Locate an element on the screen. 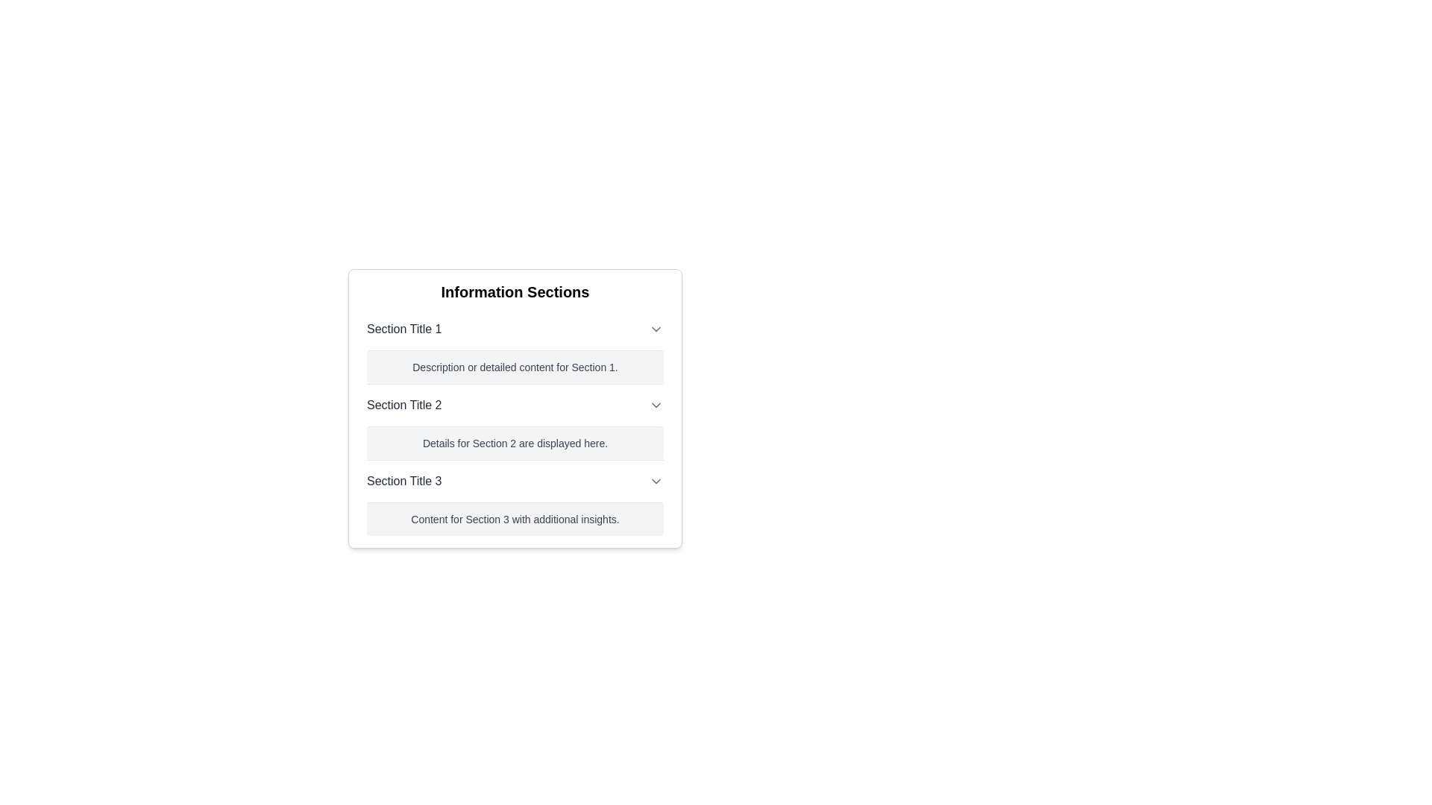 The image size is (1432, 805). the Label displaying the text 'Description or detailed content for Section 1' located within the first section labeled 'Section Title 1' is located at coordinates (515, 367).